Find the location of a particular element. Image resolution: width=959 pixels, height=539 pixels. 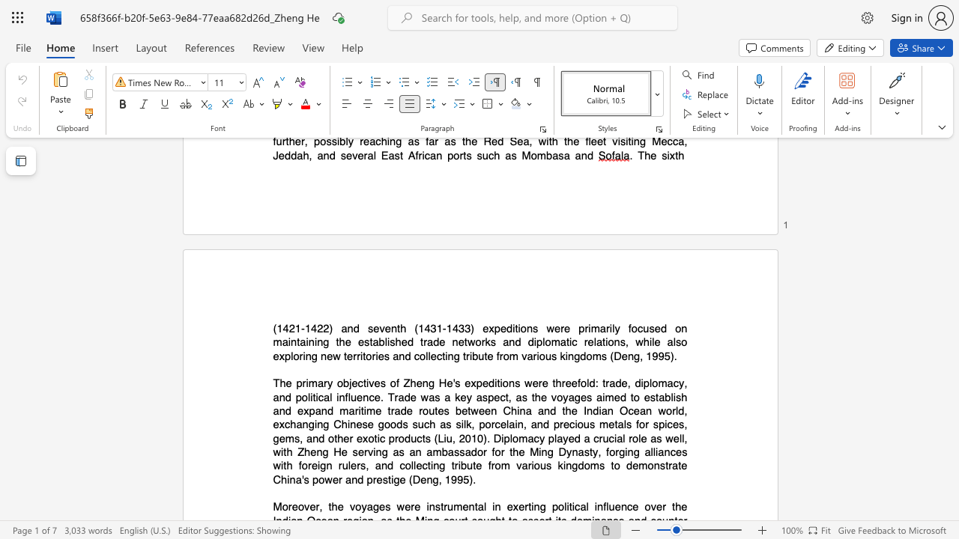

the space between the continuous character "i" and "p" in the text is located at coordinates (504, 438).